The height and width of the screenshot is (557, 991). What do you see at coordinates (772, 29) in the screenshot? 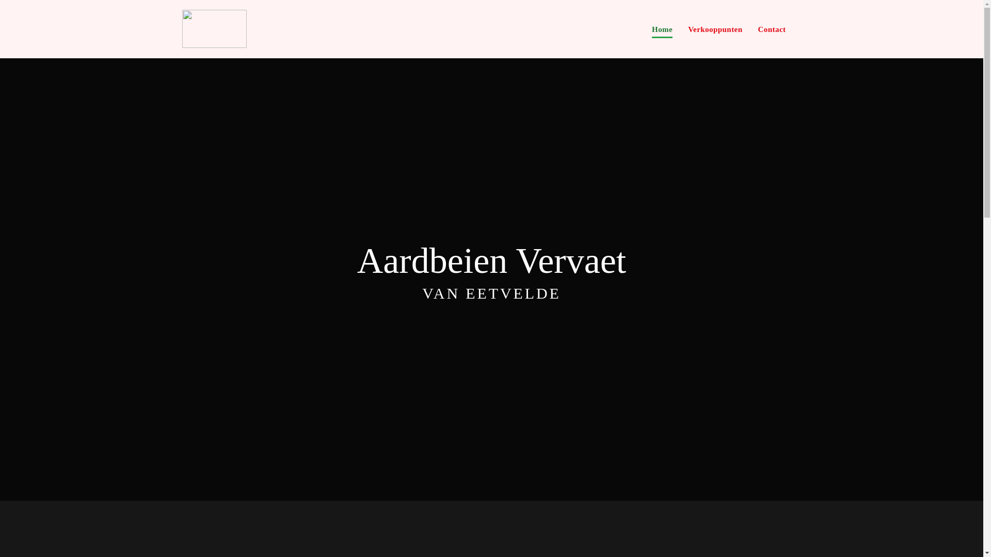
I see `'Contact'` at bounding box center [772, 29].